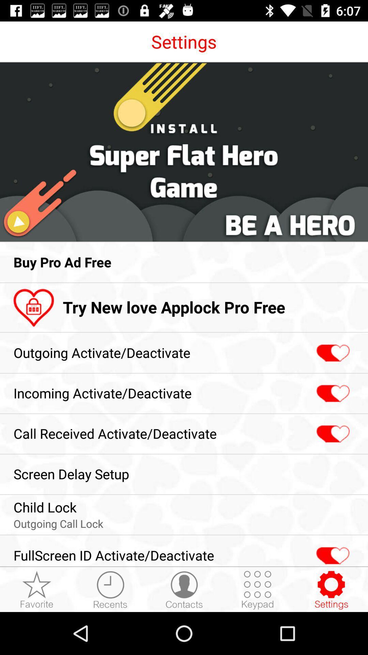 This screenshot has width=368, height=655. What do you see at coordinates (332, 552) in the screenshot?
I see `fullscreen activating and deactivating button` at bounding box center [332, 552].